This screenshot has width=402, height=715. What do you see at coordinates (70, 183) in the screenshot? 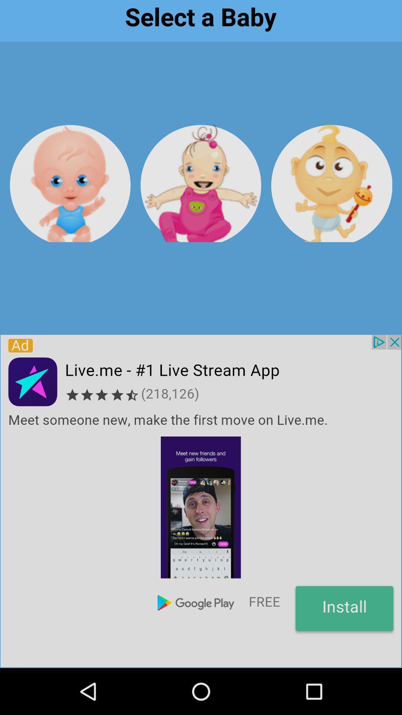
I see `choose baby` at bounding box center [70, 183].